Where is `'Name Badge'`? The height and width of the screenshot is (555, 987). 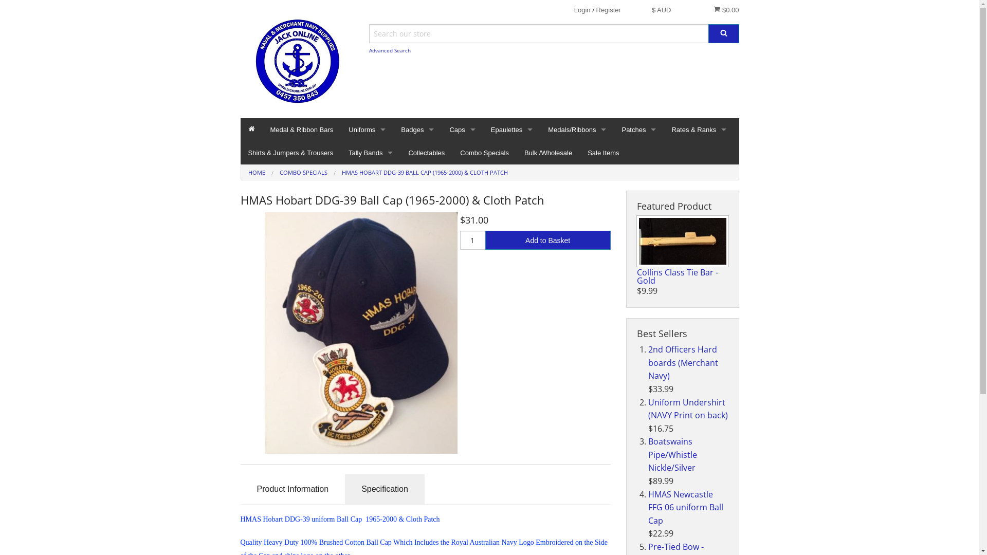 'Name Badge' is located at coordinates (367, 304).